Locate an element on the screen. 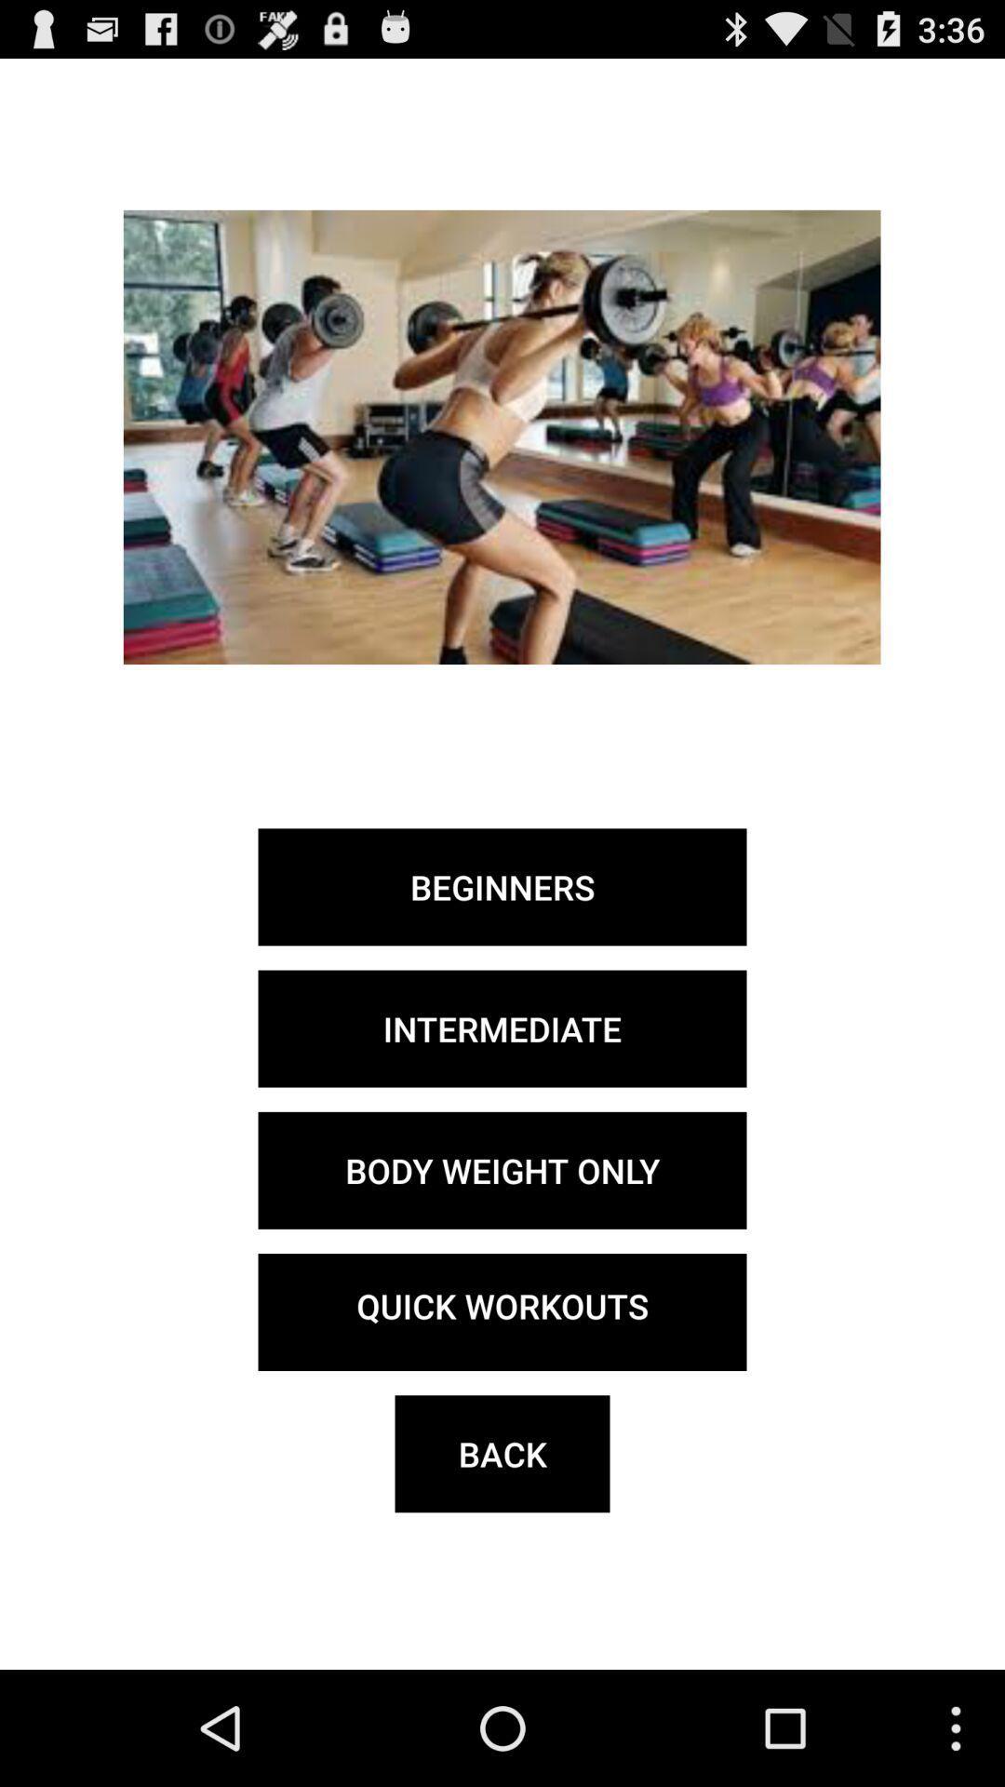  the beginners is located at coordinates (502, 886).